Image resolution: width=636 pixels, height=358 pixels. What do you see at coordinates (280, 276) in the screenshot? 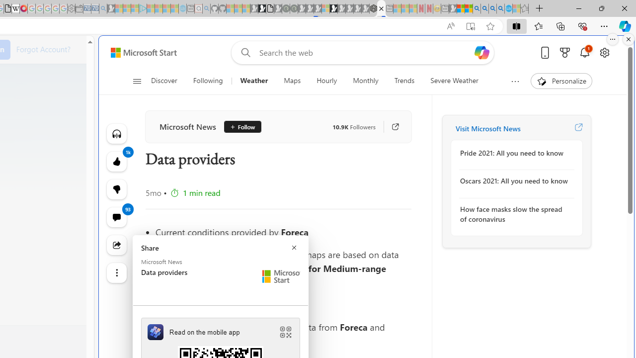
I see `'Microsoft Start Logo'` at bounding box center [280, 276].